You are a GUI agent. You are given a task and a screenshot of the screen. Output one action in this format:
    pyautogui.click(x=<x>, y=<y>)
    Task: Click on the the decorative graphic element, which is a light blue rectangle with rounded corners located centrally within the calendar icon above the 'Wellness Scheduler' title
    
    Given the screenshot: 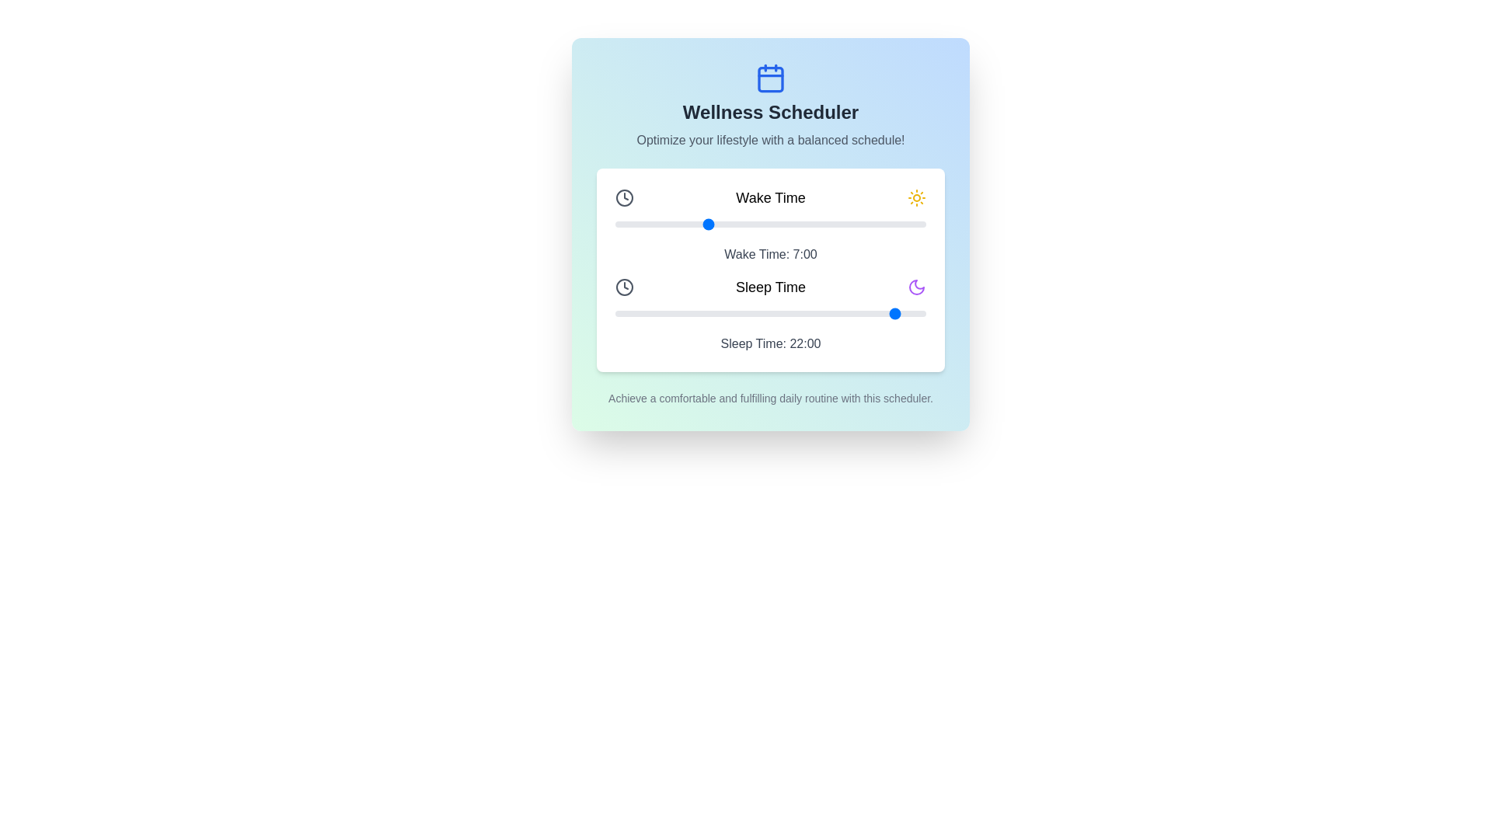 What is the action you would take?
    pyautogui.click(x=771, y=78)
    